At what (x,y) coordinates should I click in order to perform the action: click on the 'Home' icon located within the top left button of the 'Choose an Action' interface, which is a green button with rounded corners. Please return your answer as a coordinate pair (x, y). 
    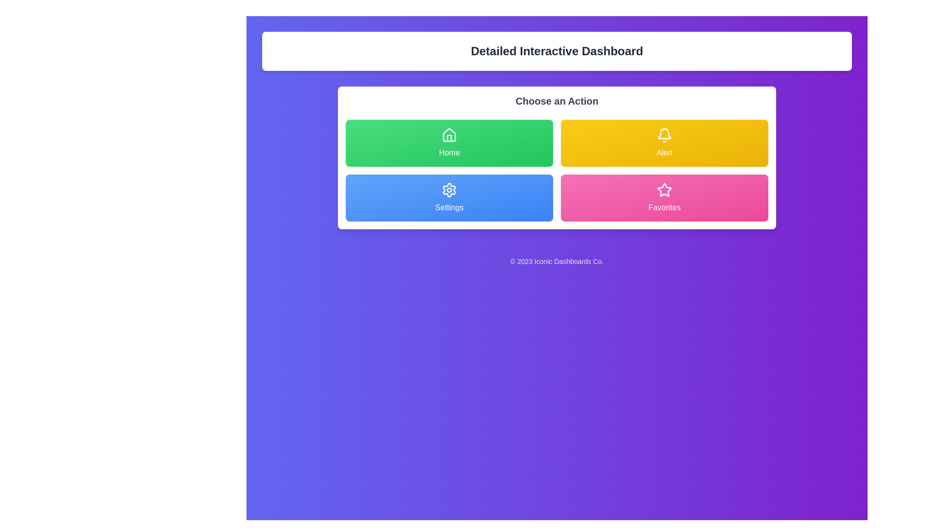
    Looking at the image, I should click on (448, 135).